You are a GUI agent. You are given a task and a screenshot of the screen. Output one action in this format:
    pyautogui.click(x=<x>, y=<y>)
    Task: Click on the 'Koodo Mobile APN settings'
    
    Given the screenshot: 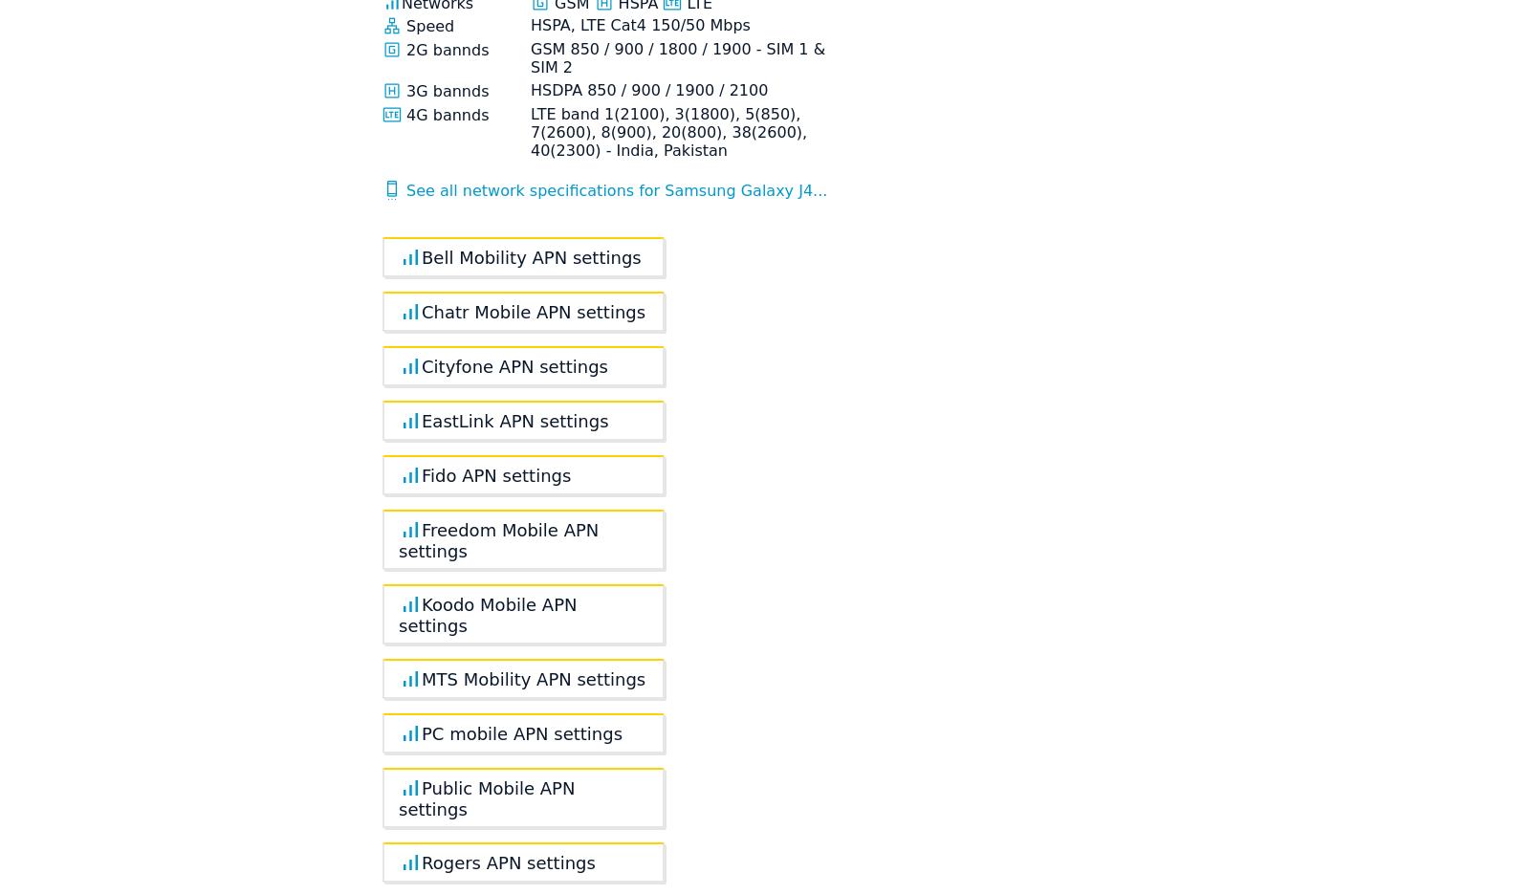 What is the action you would take?
    pyautogui.click(x=486, y=614)
    